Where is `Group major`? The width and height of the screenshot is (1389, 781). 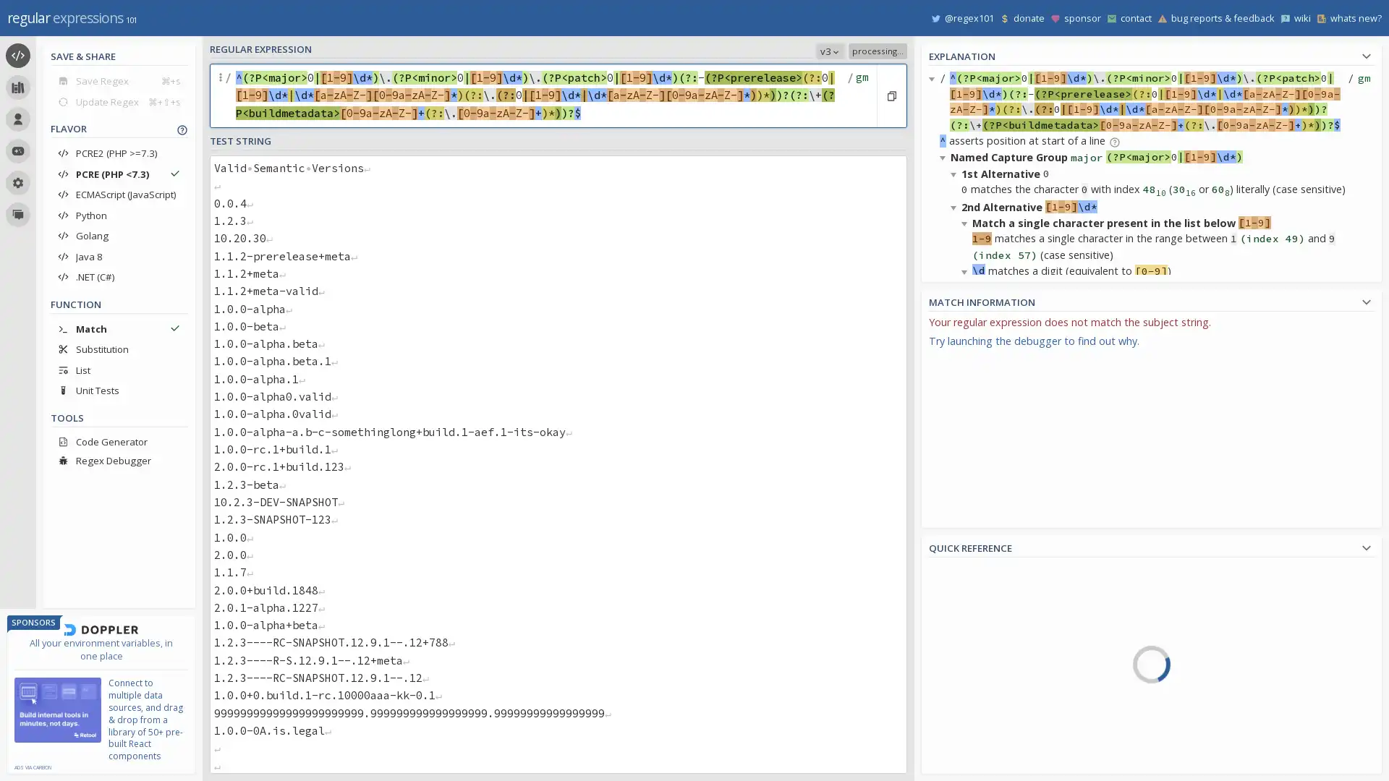 Group major is located at coordinates (993, 713).